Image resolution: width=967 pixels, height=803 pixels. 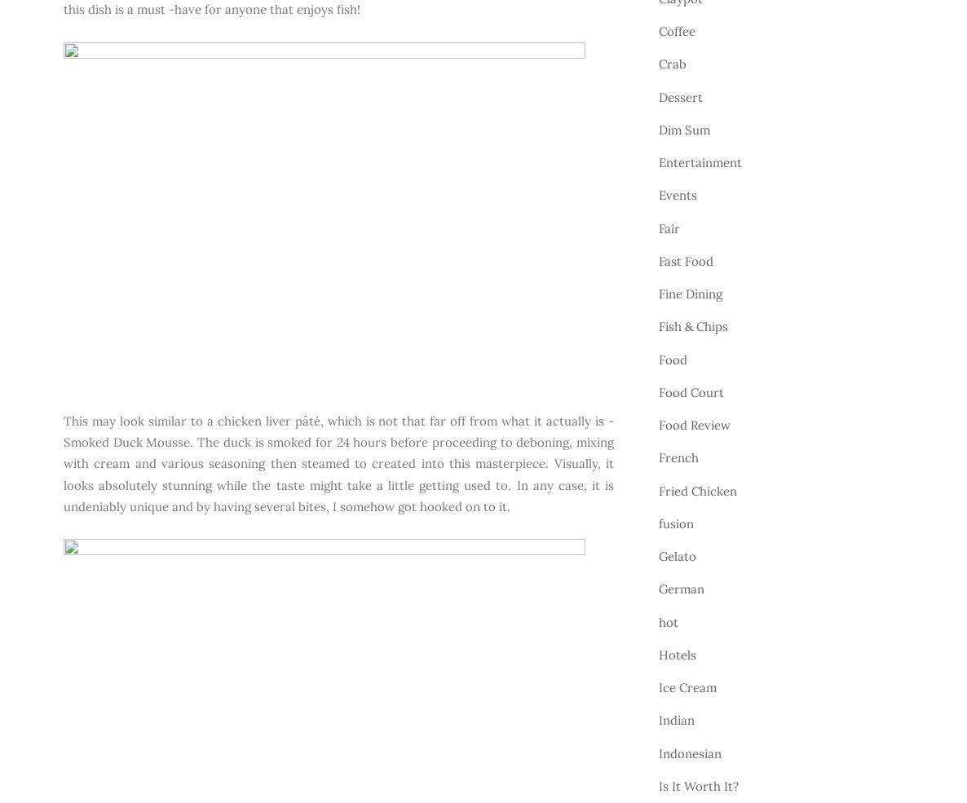 I want to click on 'Events', so click(x=677, y=194).